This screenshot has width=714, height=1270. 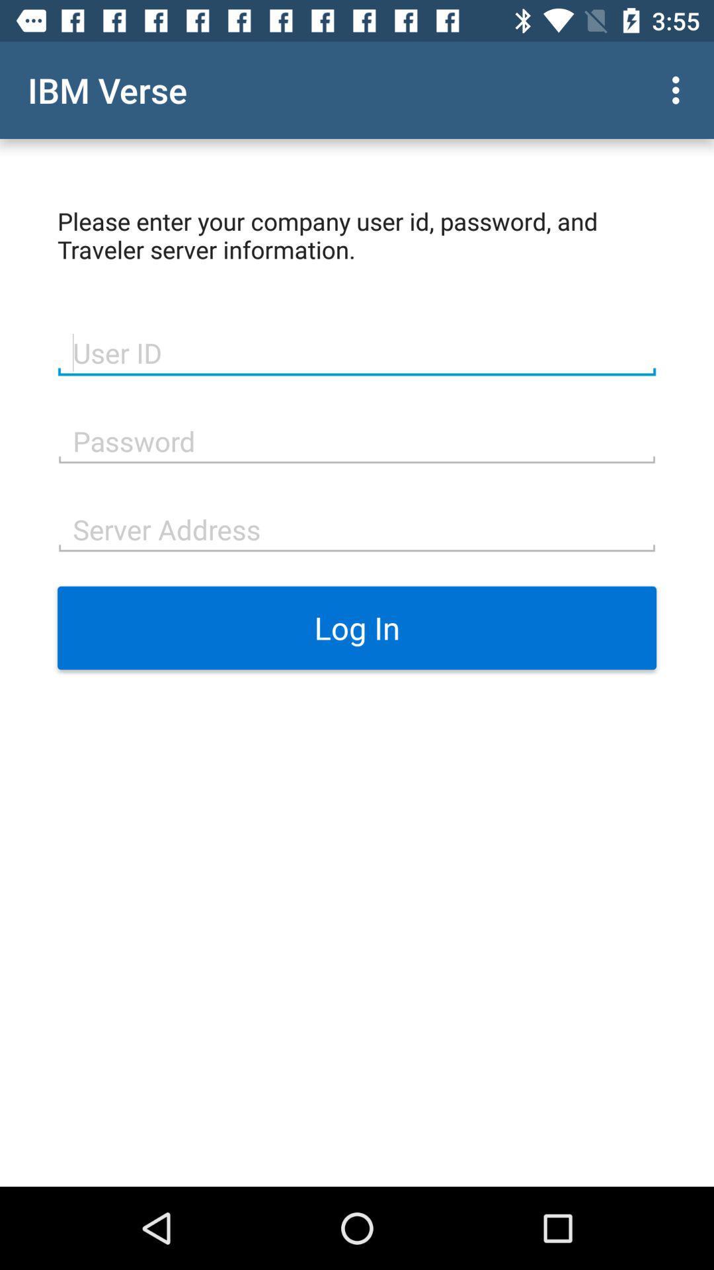 I want to click on item at the top right corner, so click(x=679, y=89).